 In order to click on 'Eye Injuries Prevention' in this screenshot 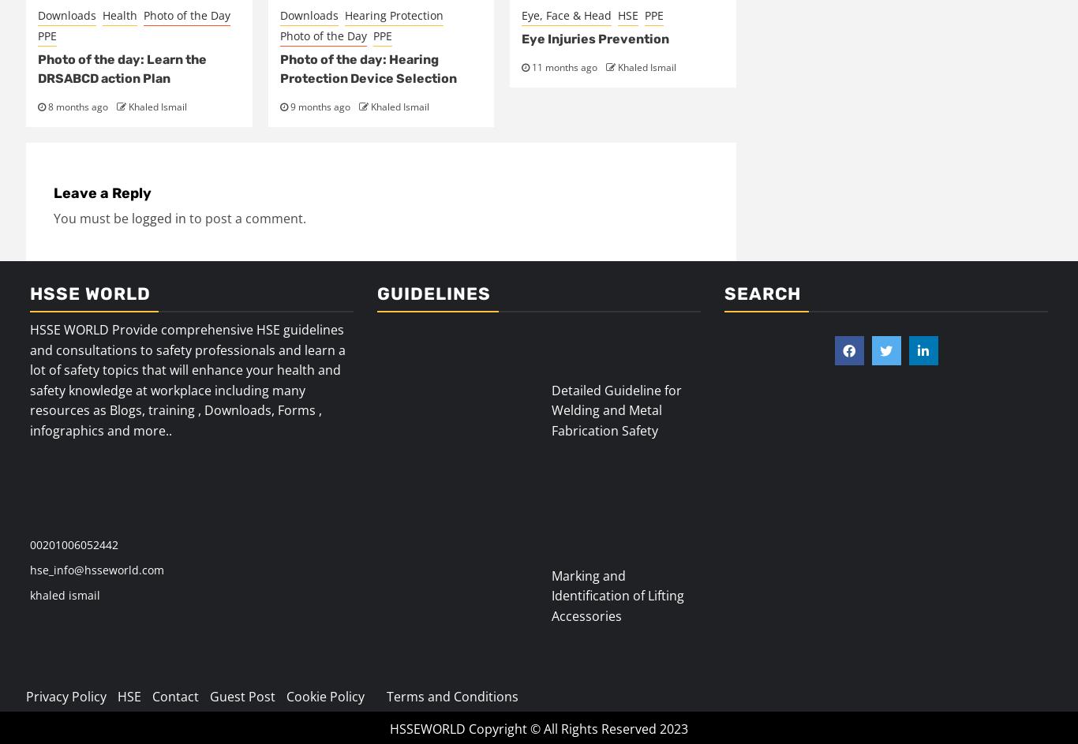, I will do `click(595, 38)`.